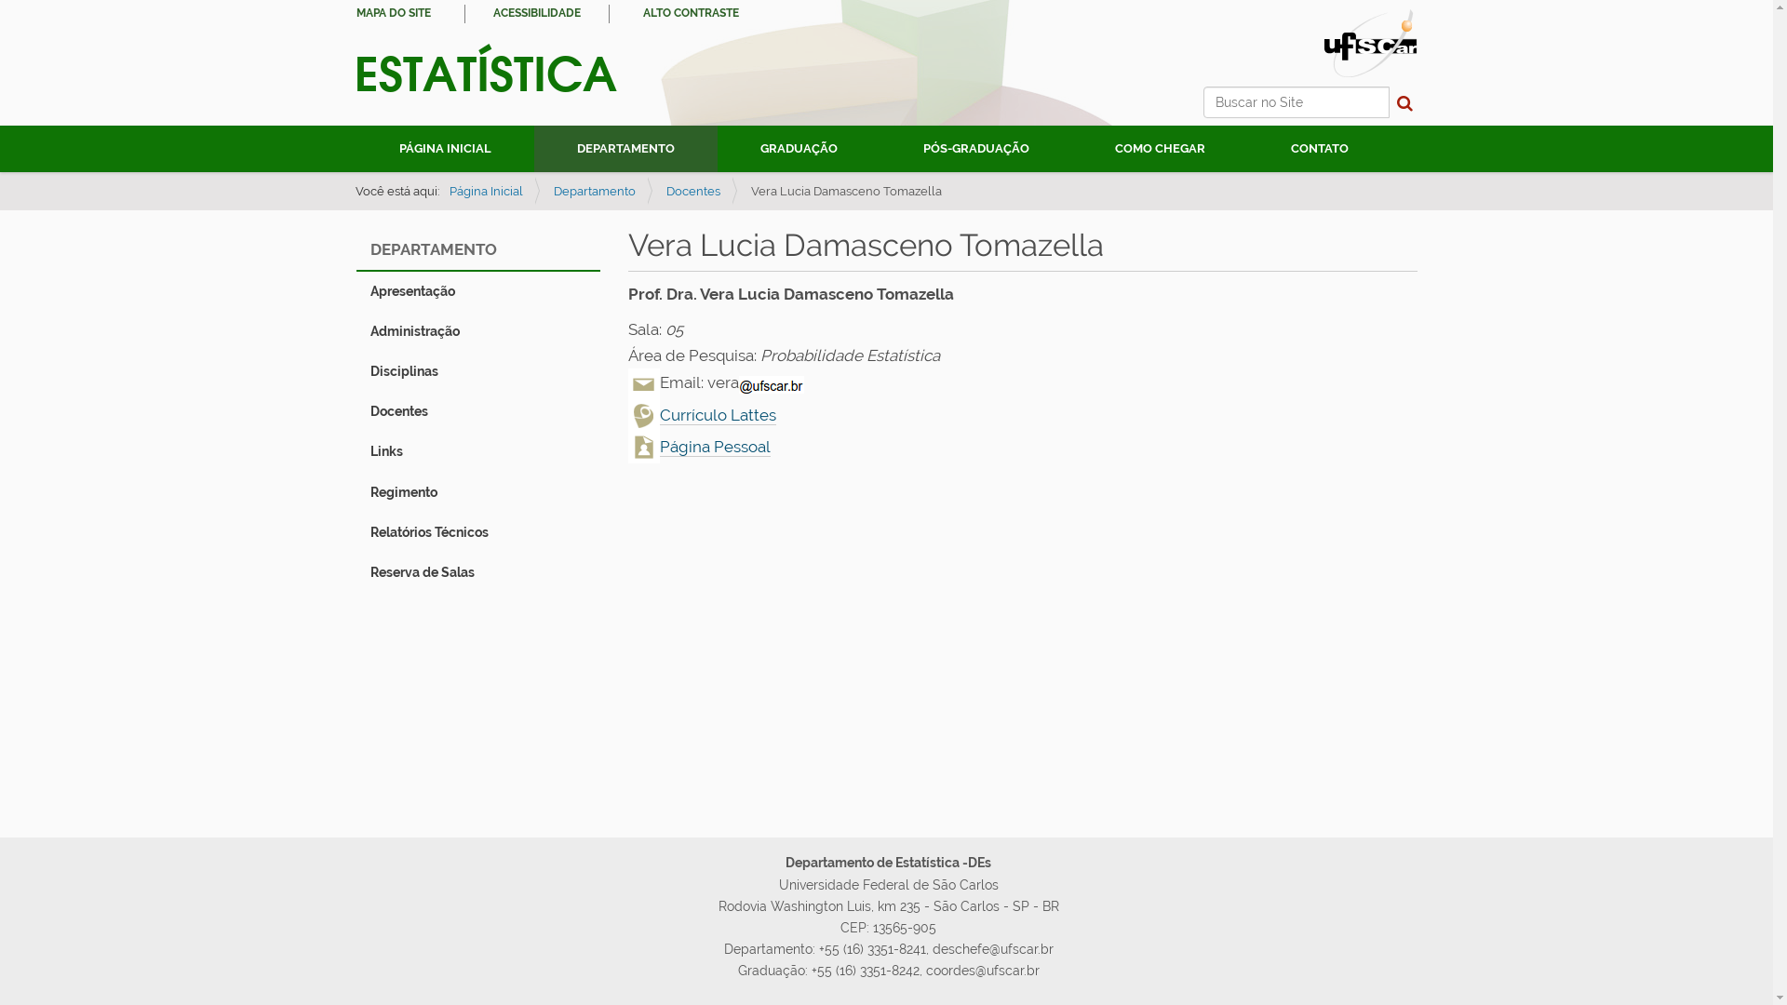  What do you see at coordinates (552, 191) in the screenshot?
I see `'Departamento'` at bounding box center [552, 191].